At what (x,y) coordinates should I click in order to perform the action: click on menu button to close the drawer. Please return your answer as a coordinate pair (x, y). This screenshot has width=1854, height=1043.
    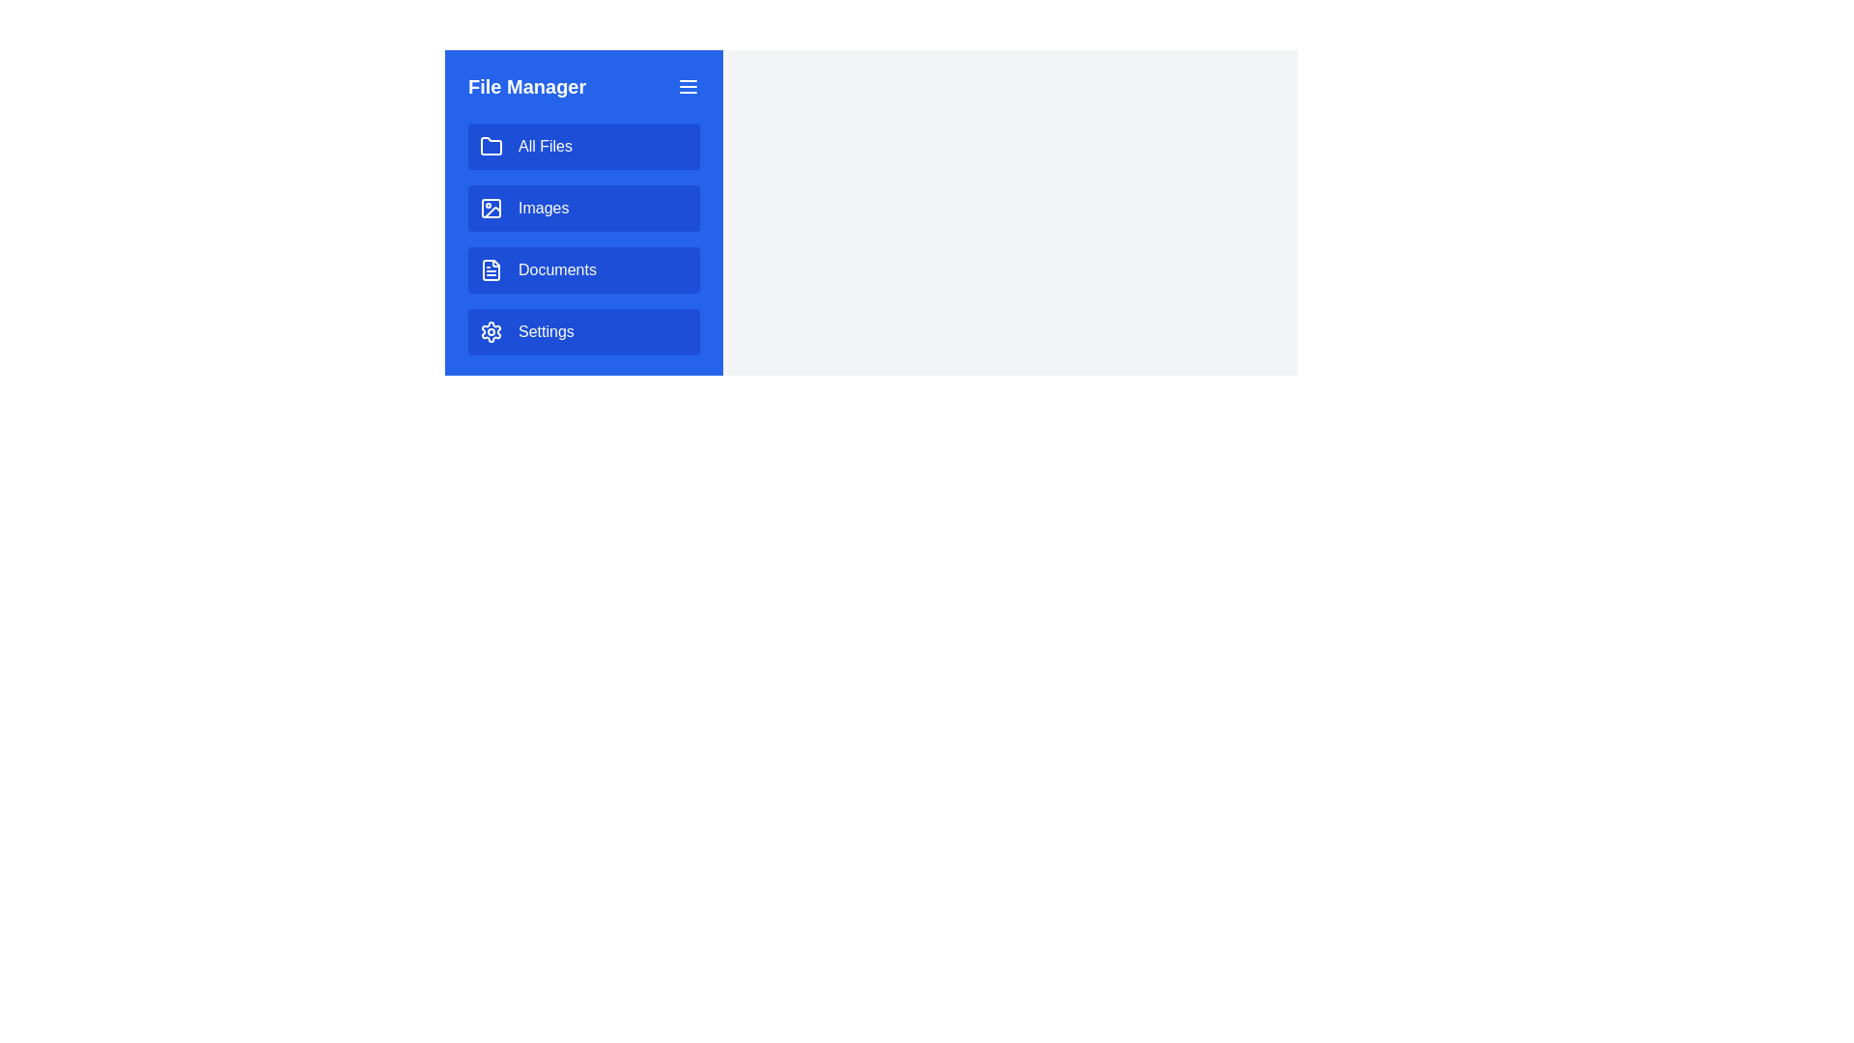
    Looking at the image, I should click on (688, 85).